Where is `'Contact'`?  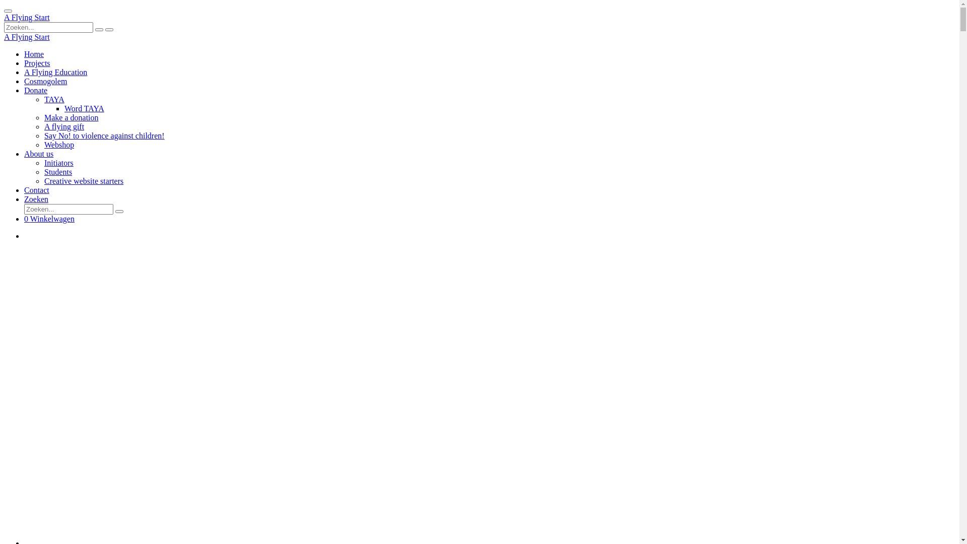
'Contact' is located at coordinates (36, 190).